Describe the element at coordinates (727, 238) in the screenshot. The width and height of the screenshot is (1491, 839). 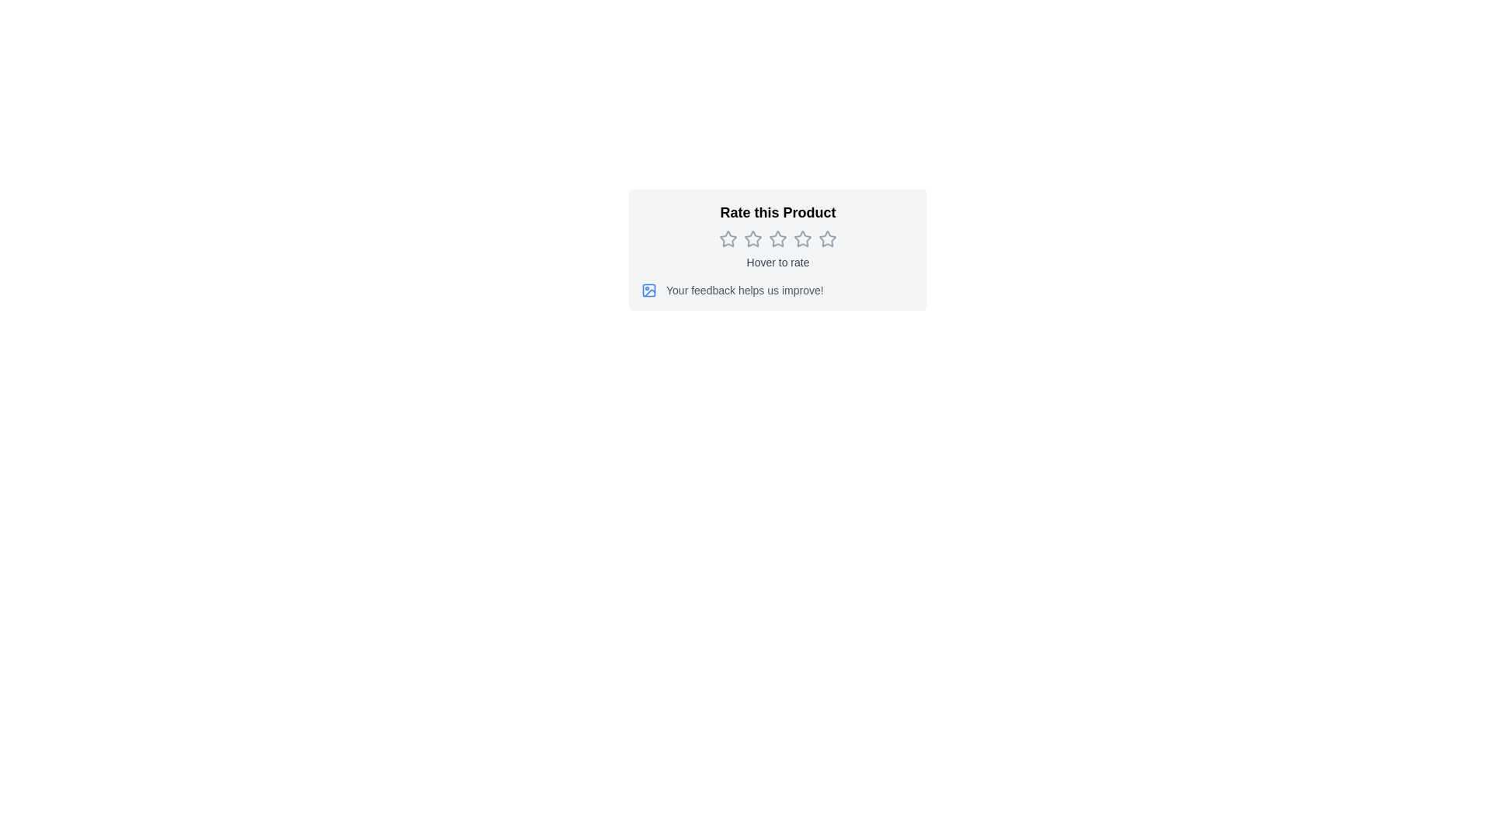
I see `the star icon for rating functionality located below 'Rate this Product'` at that location.